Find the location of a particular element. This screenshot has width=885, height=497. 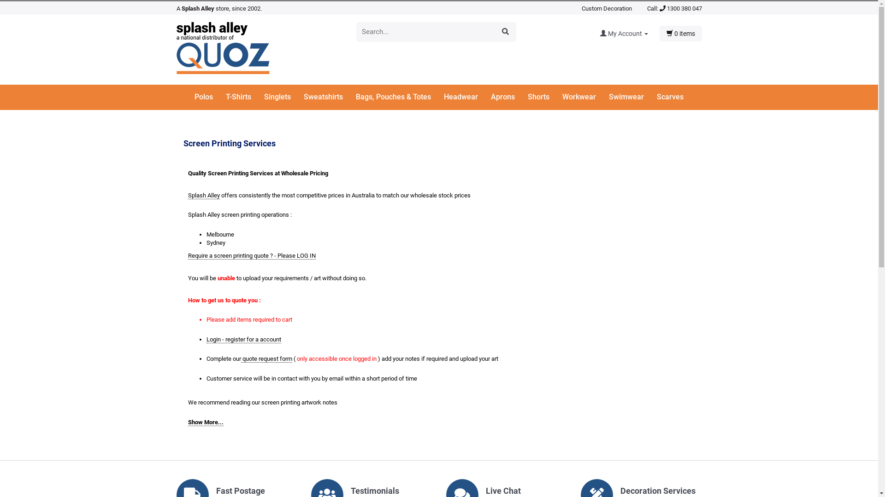

'Aprons' is located at coordinates (490, 97).